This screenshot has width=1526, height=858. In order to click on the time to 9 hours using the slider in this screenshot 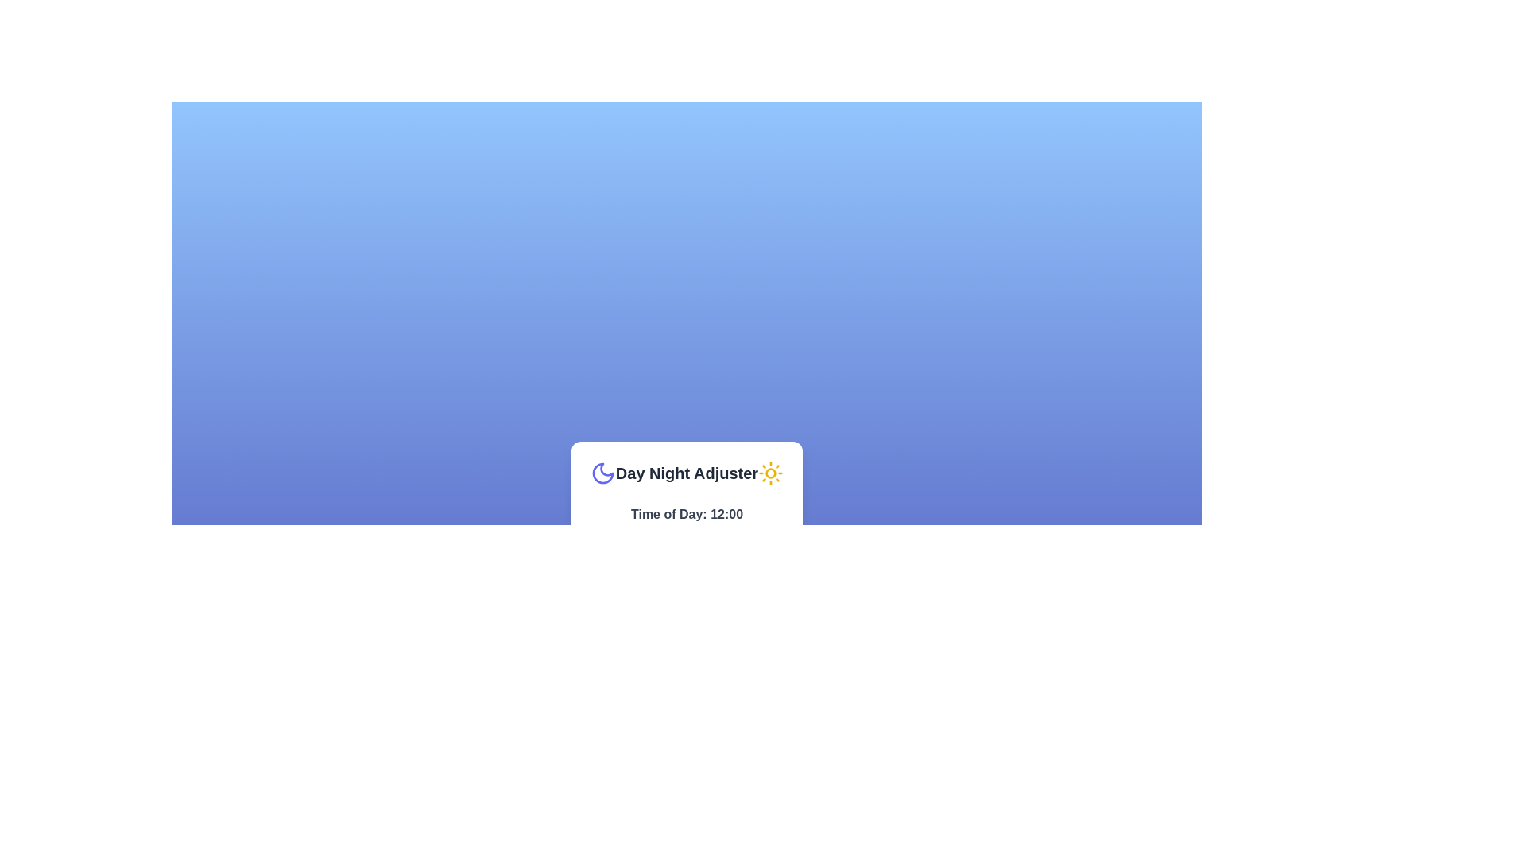, I will do `click(666, 532)`.